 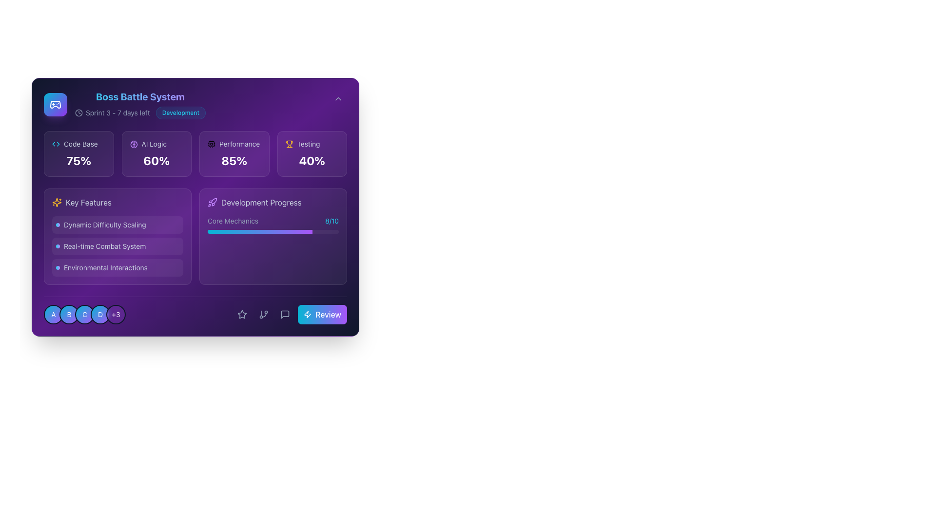 I want to click on the text block that serves as a header or summary for a specific section, located at the upper-left portion of the layout, slightly below the top boundary, so click(x=124, y=105).